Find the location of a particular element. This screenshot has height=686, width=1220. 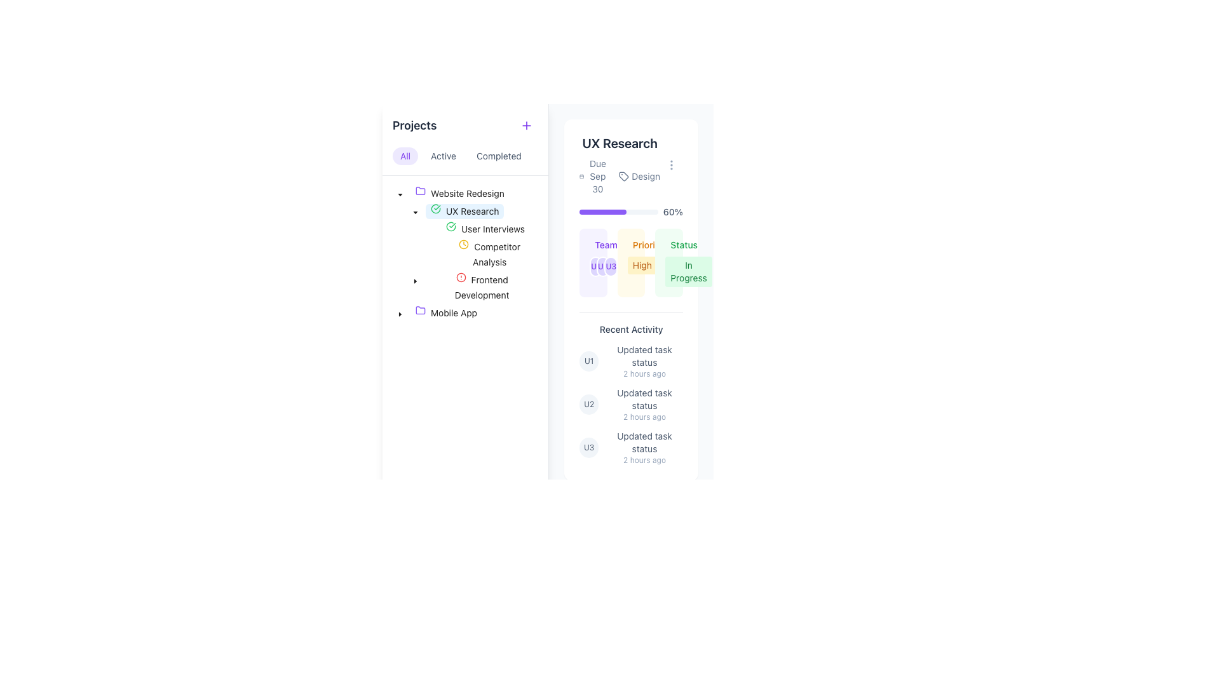

the related details linked to the status update notification in the 'Recent Activity' section under the 'UX Research' project is located at coordinates (644, 361).